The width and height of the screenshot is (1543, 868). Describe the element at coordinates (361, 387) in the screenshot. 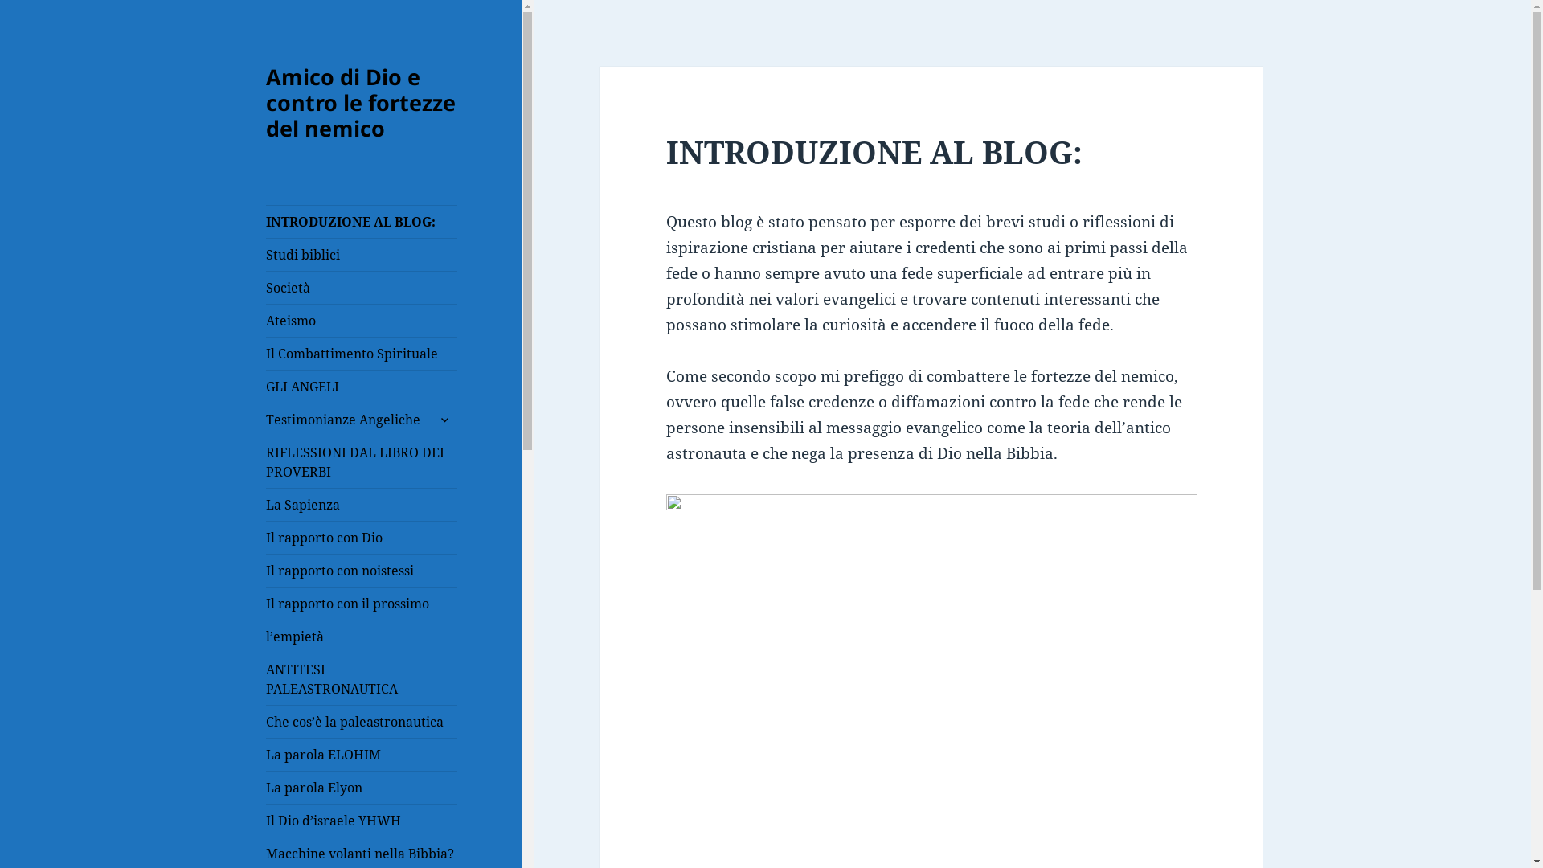

I see `'GLI ANGELI'` at that location.